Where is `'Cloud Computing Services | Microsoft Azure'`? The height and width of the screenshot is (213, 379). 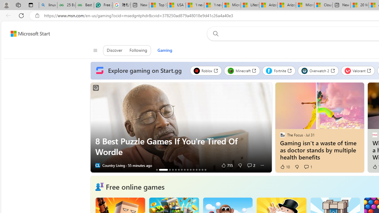
'Cloud Computing Services | Microsoft Azure' is located at coordinates (323, 5).